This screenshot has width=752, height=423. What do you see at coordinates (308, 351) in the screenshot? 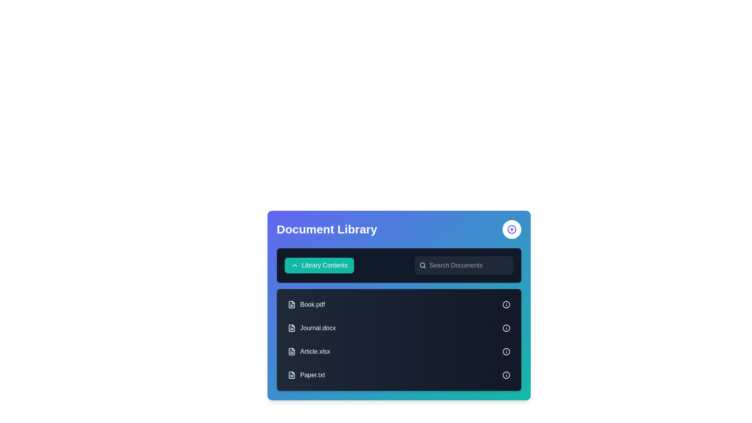
I see `the 'Article.xlsx' file element, which is displayed with a white text and an icon on a dark background` at bounding box center [308, 351].